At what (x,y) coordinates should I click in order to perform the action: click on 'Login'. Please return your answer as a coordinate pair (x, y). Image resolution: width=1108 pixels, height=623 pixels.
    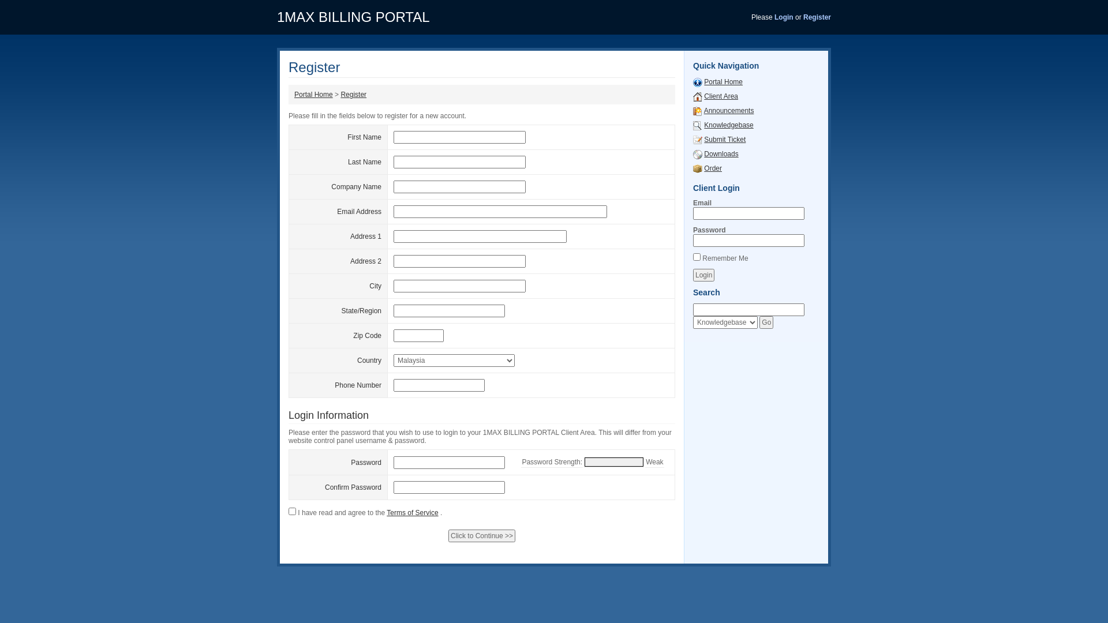
    Looking at the image, I should click on (703, 275).